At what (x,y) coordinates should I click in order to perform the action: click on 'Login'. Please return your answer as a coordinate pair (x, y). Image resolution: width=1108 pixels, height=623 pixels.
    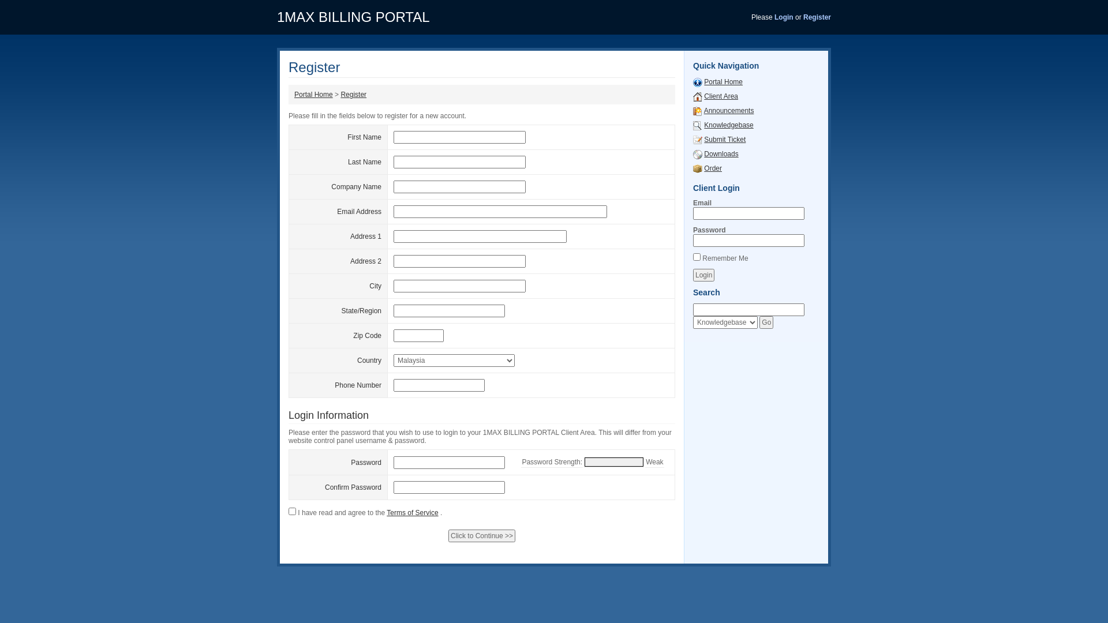
    Looking at the image, I should click on (703, 275).